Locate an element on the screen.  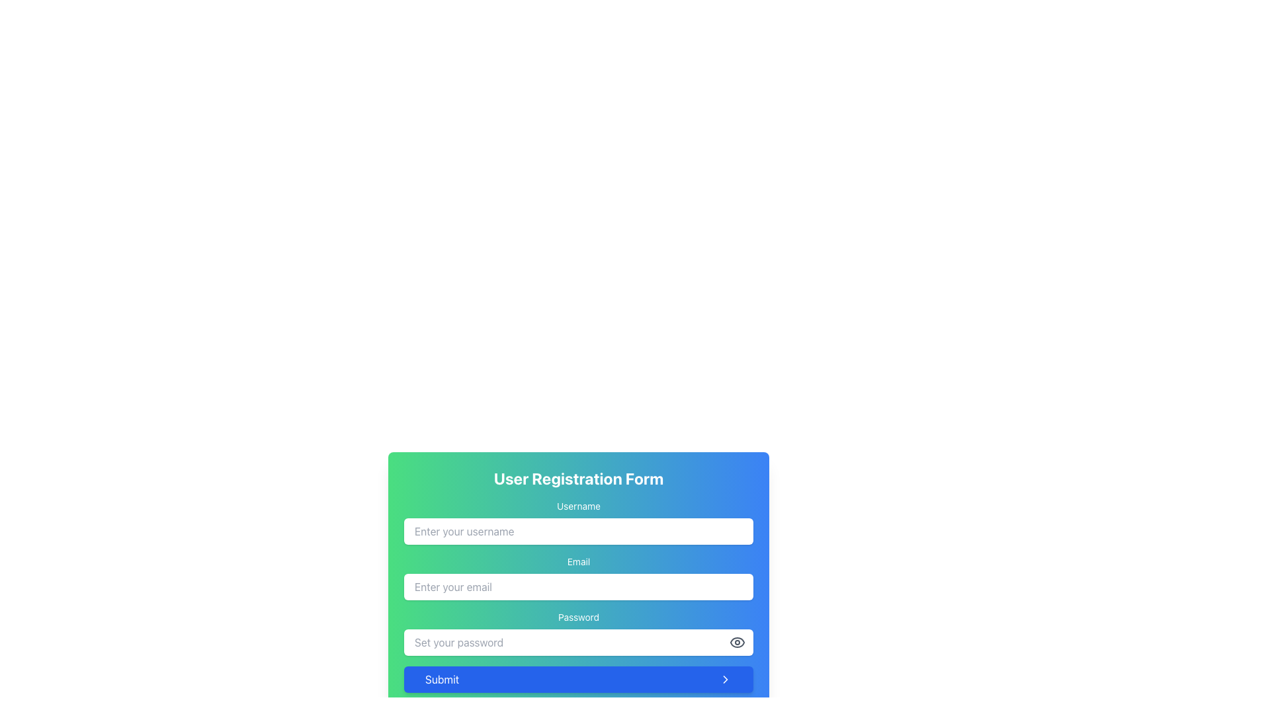
the show/hide password button, which is styled with an eye icon and located to the right of the password input field in the User Registration Form is located at coordinates (736, 642).